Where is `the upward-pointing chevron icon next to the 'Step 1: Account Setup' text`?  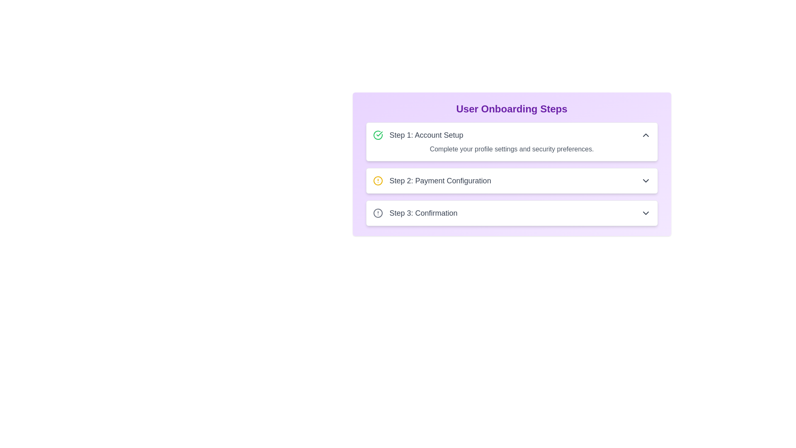
the upward-pointing chevron icon next to the 'Step 1: Account Setup' text is located at coordinates (645, 135).